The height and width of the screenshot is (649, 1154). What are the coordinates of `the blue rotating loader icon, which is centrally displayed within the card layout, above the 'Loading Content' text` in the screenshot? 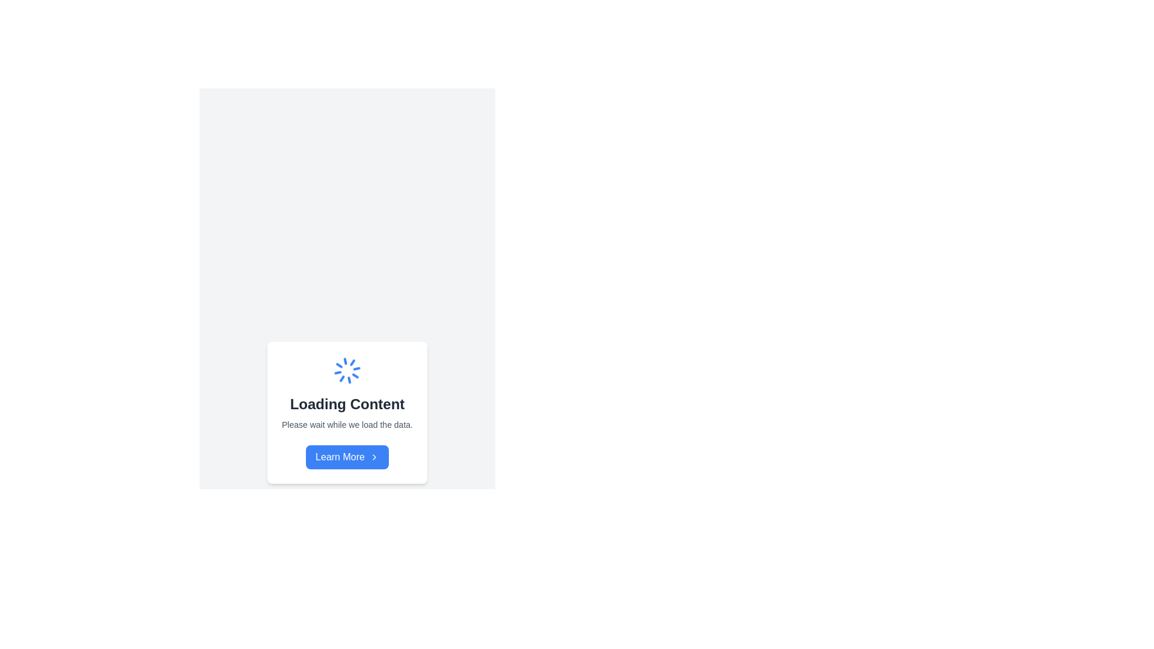 It's located at (346, 370).